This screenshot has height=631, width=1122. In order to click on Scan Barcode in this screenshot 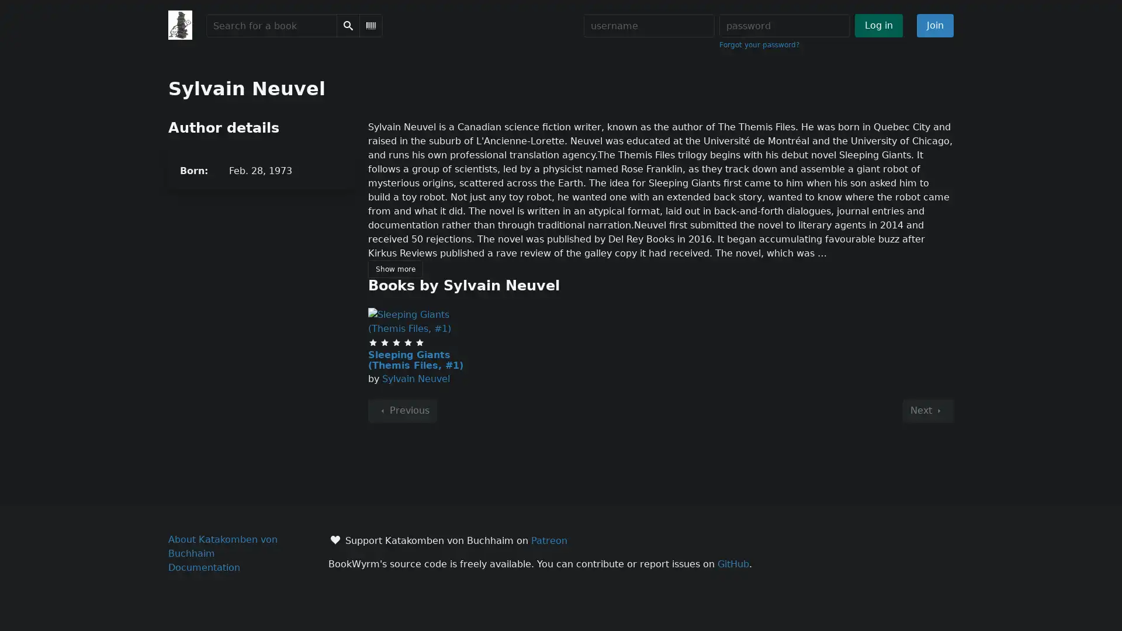, I will do `click(369, 25)`.